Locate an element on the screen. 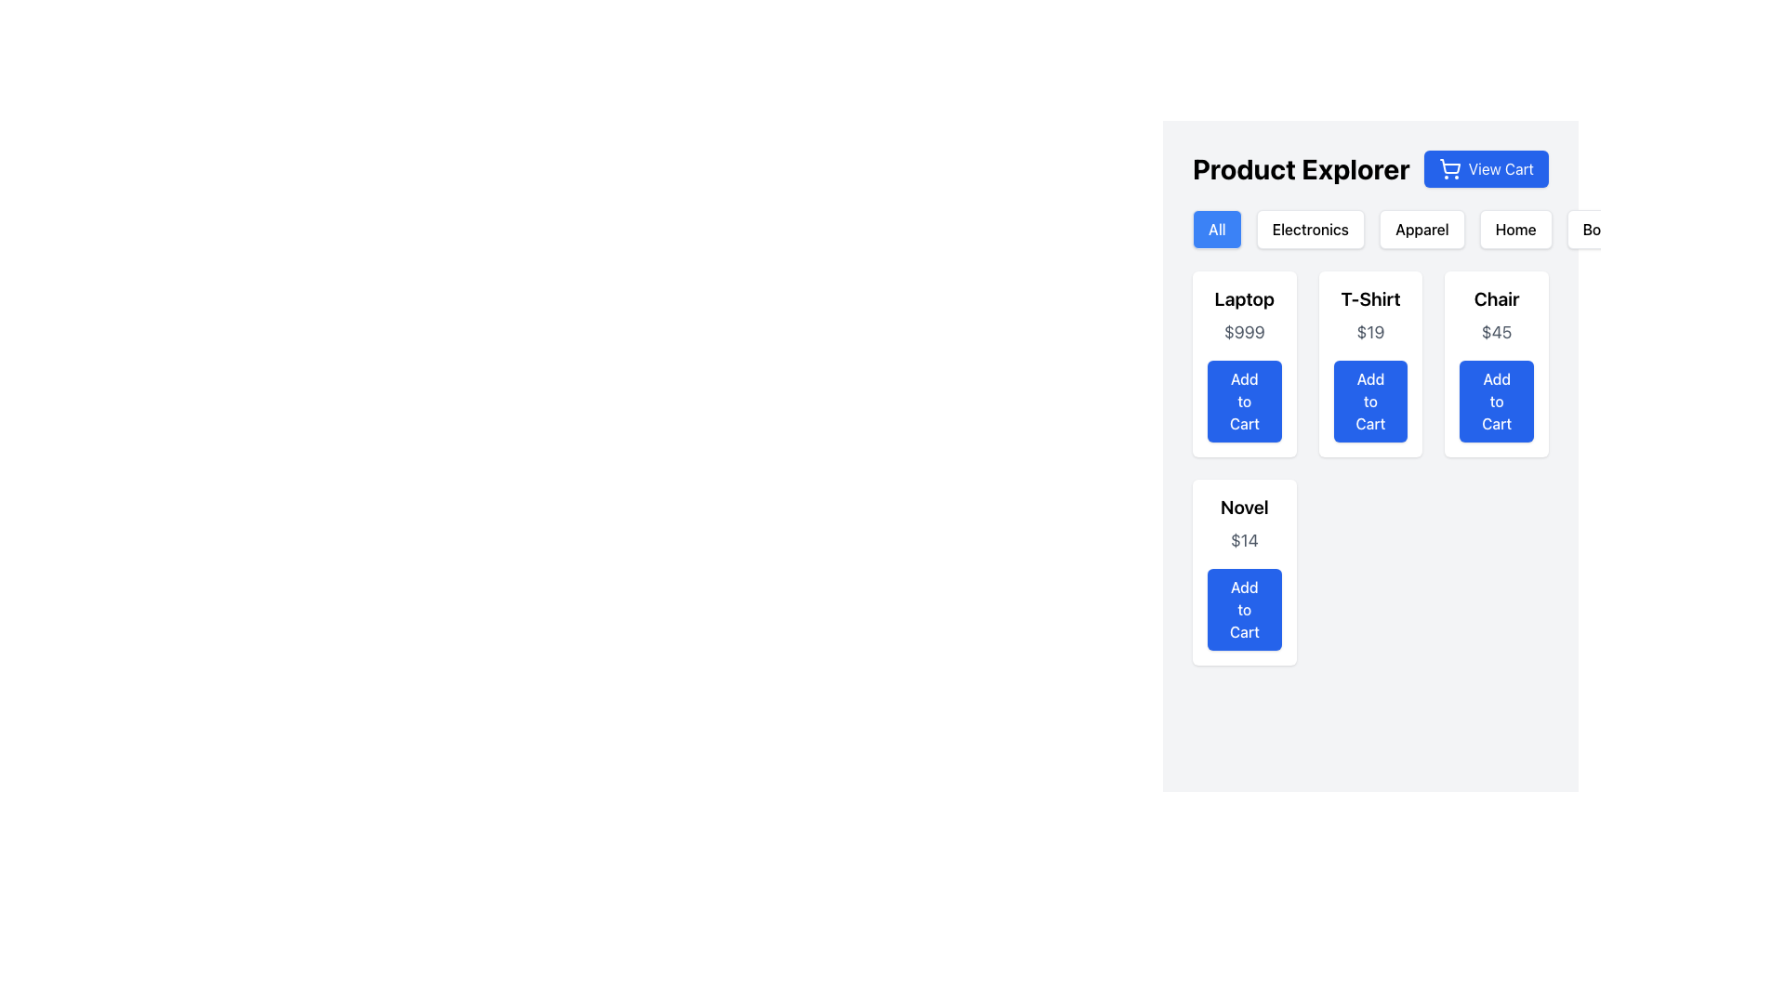 This screenshot has width=1785, height=1004. the 'Add to Cart' button, which has a blue background and white text, located in the third column of the product grid under the '$45' text is located at coordinates (1497, 401).